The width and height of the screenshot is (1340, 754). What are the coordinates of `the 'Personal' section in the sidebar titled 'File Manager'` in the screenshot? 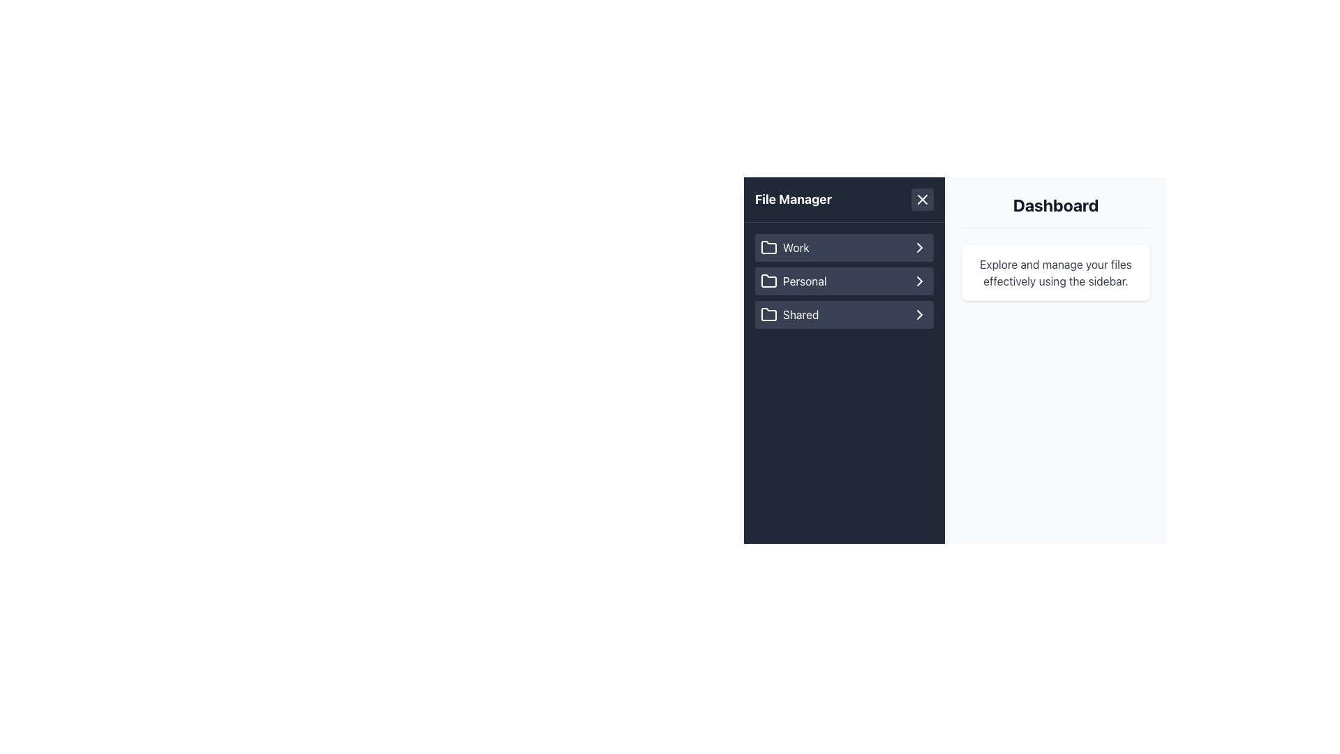 It's located at (843, 283).